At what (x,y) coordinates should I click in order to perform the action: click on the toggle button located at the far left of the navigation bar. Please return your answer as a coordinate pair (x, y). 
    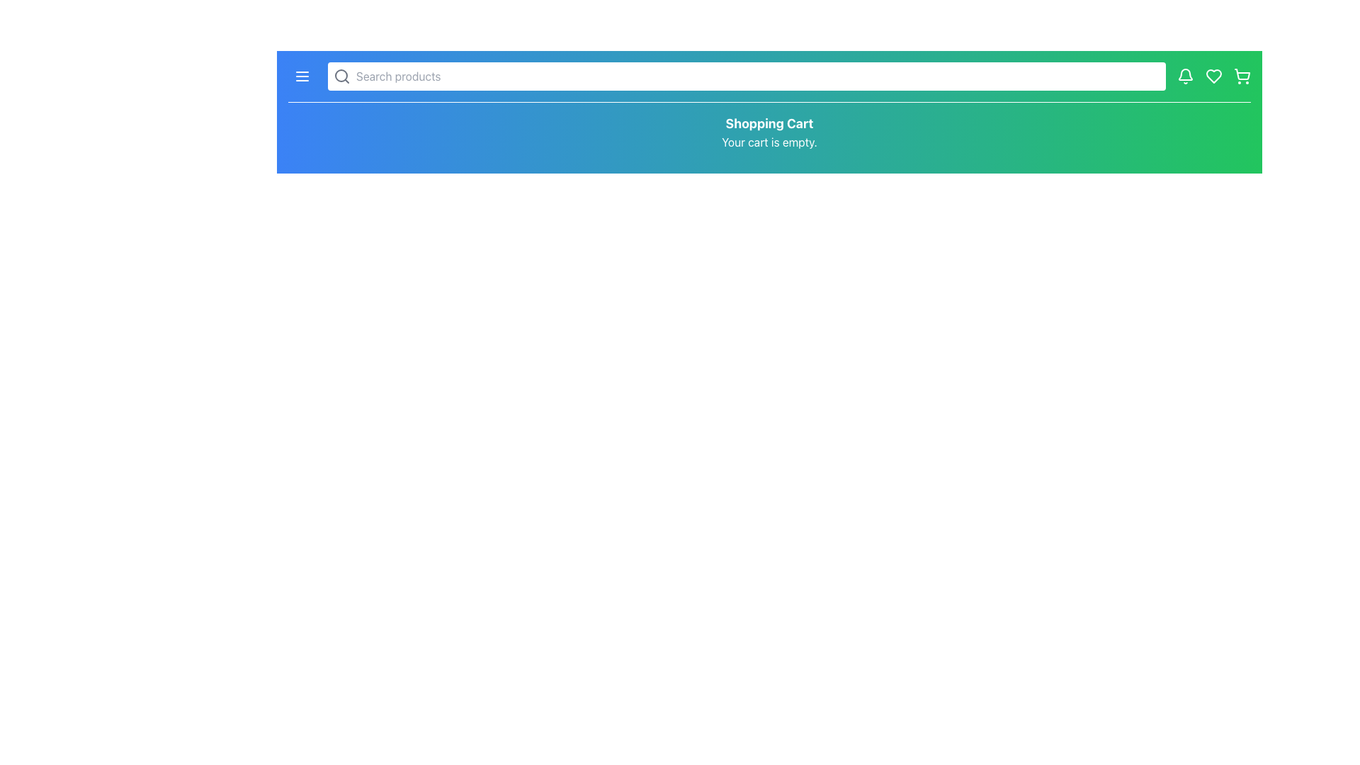
    Looking at the image, I should click on (302, 76).